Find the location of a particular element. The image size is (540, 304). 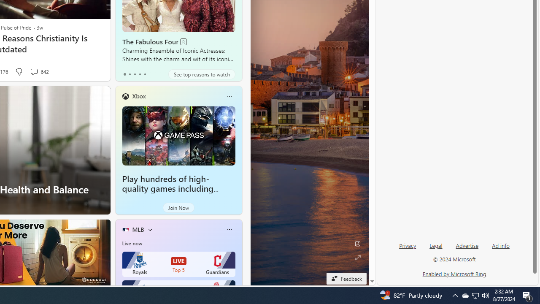

'See top reasons to watch' is located at coordinates (201, 74).